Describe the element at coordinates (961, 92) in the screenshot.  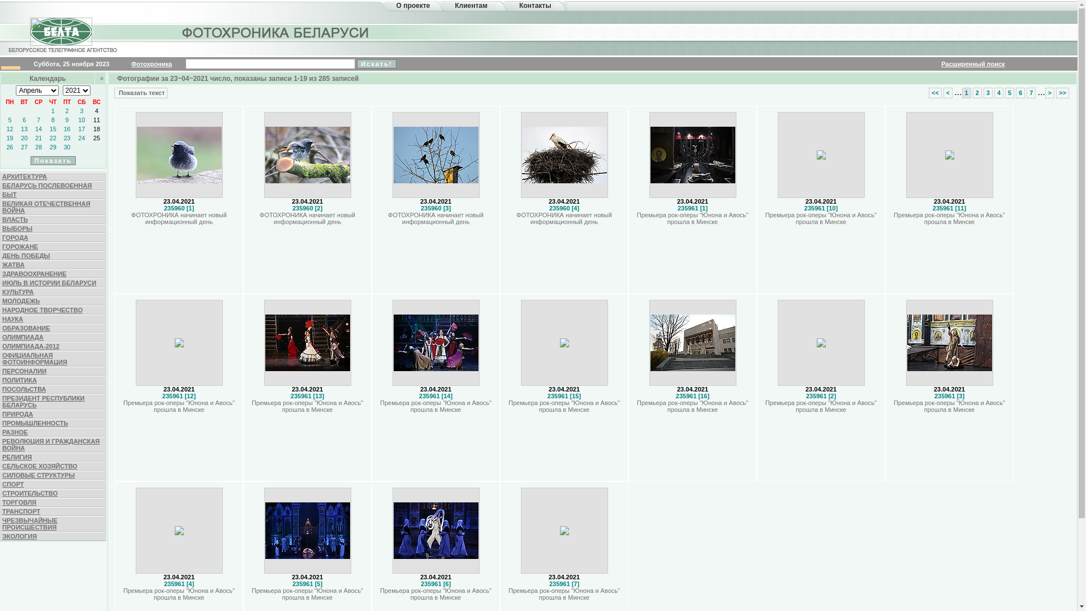
I see `'1'` at that location.